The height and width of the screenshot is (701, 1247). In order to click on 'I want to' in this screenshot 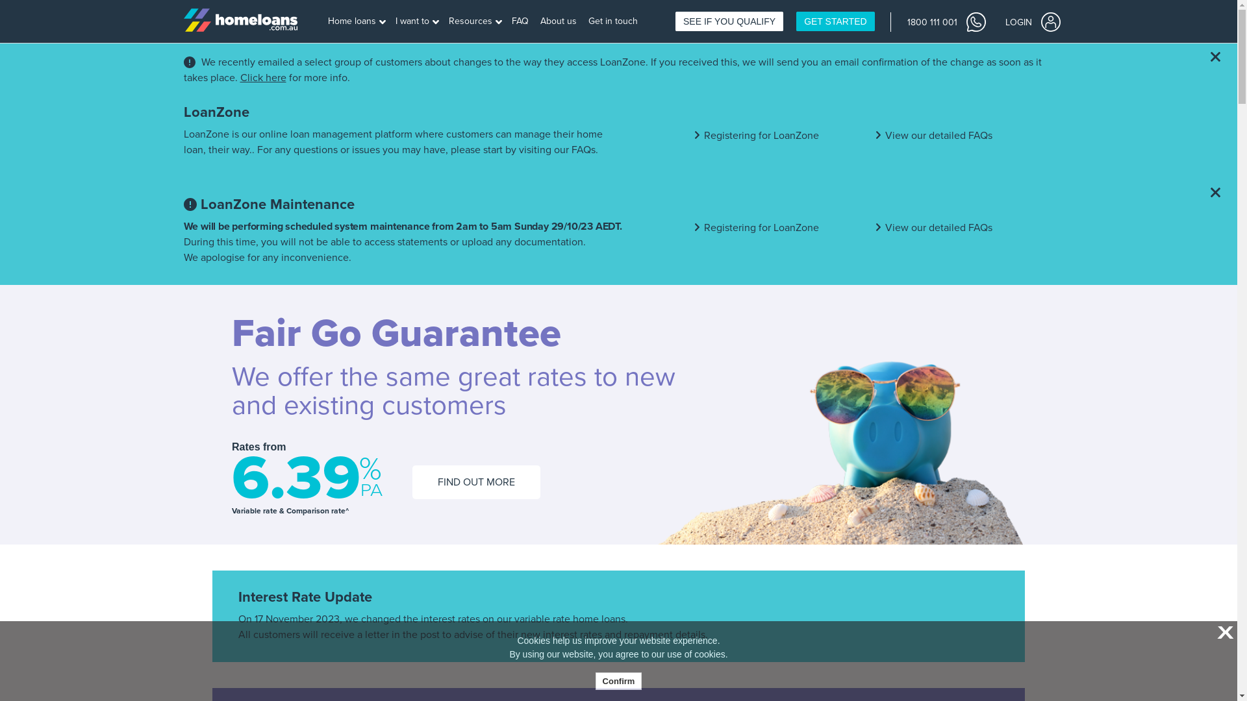, I will do `click(417, 21)`.